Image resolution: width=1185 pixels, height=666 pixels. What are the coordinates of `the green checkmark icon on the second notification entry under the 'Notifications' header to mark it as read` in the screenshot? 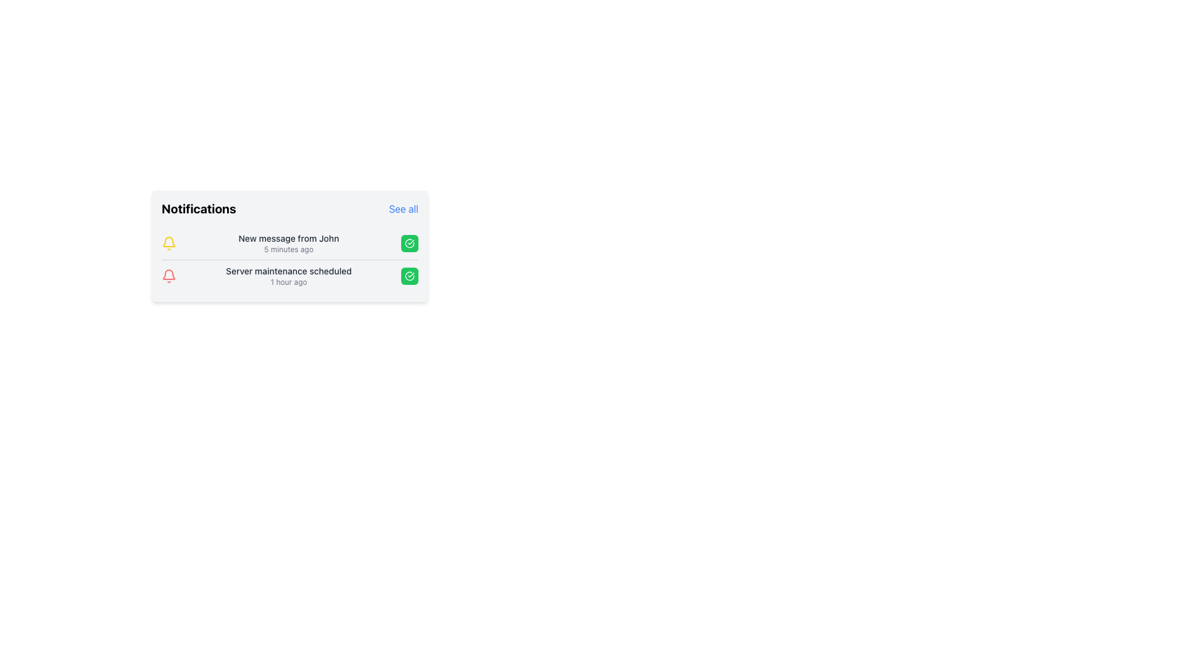 It's located at (289, 275).